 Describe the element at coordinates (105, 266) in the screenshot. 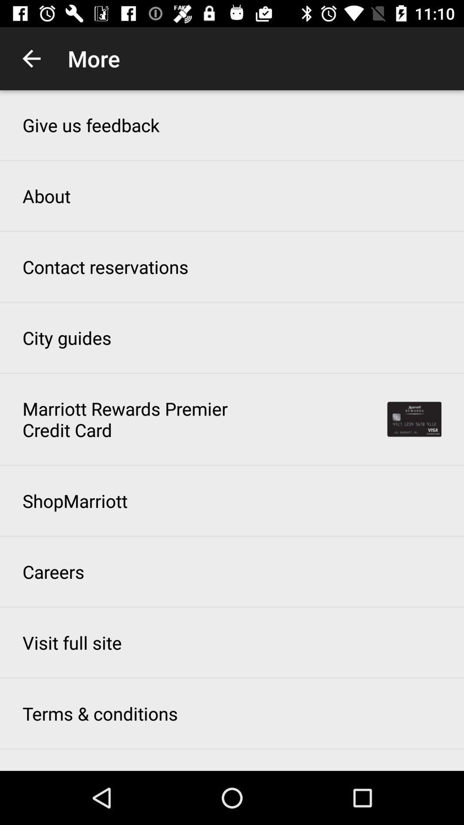

I see `the icon below about item` at that location.